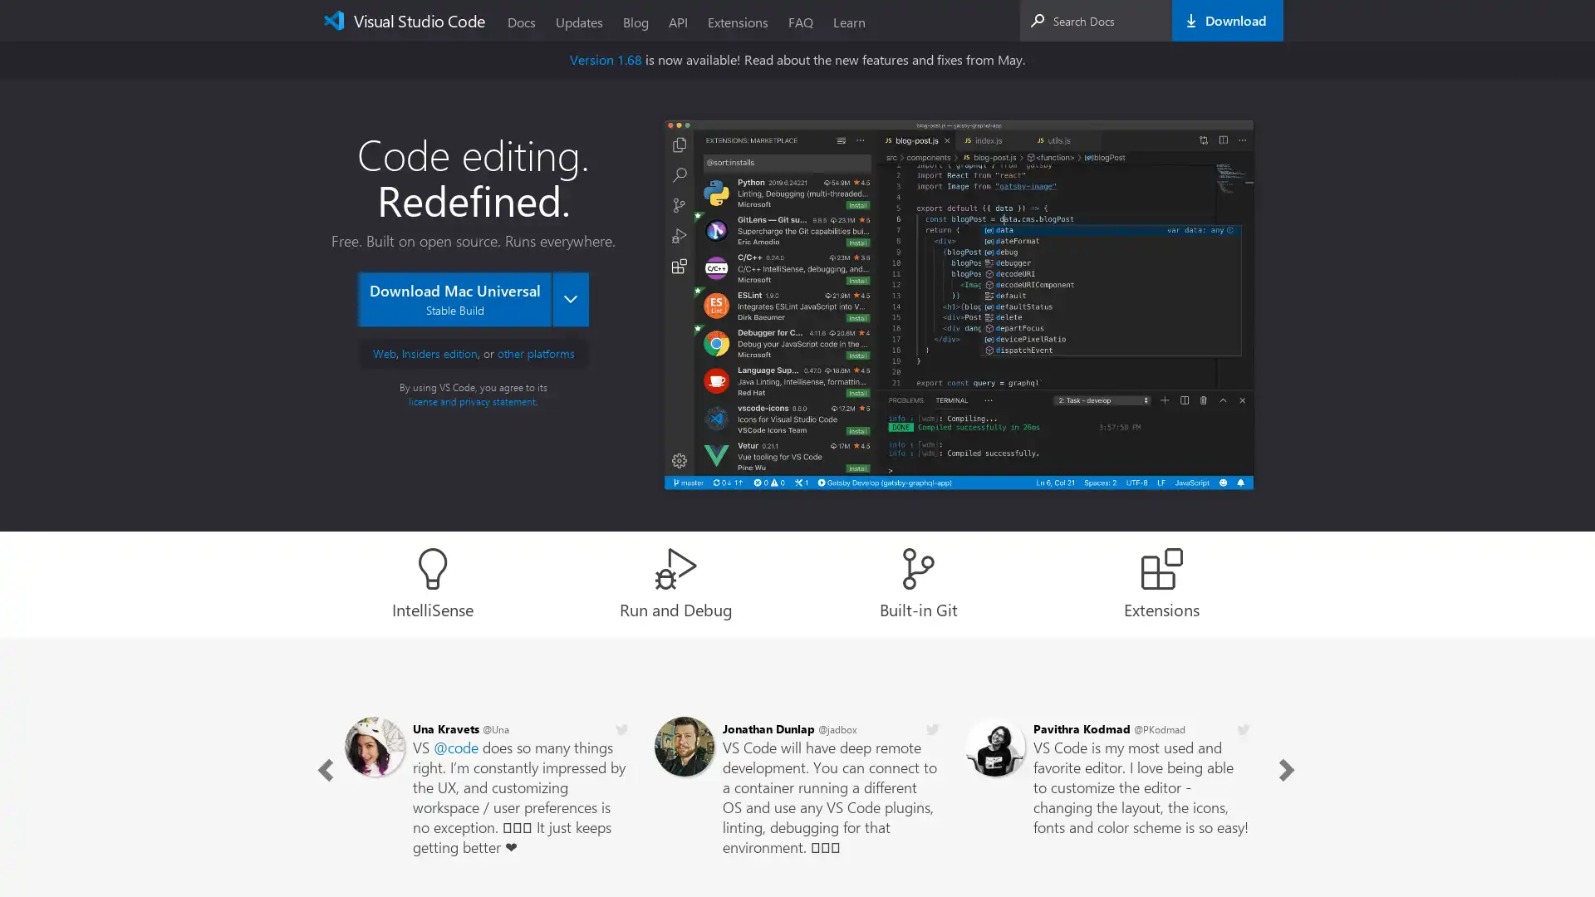 The width and height of the screenshot is (1595, 897). What do you see at coordinates (346, 786) in the screenshot?
I see `Previous` at bounding box center [346, 786].